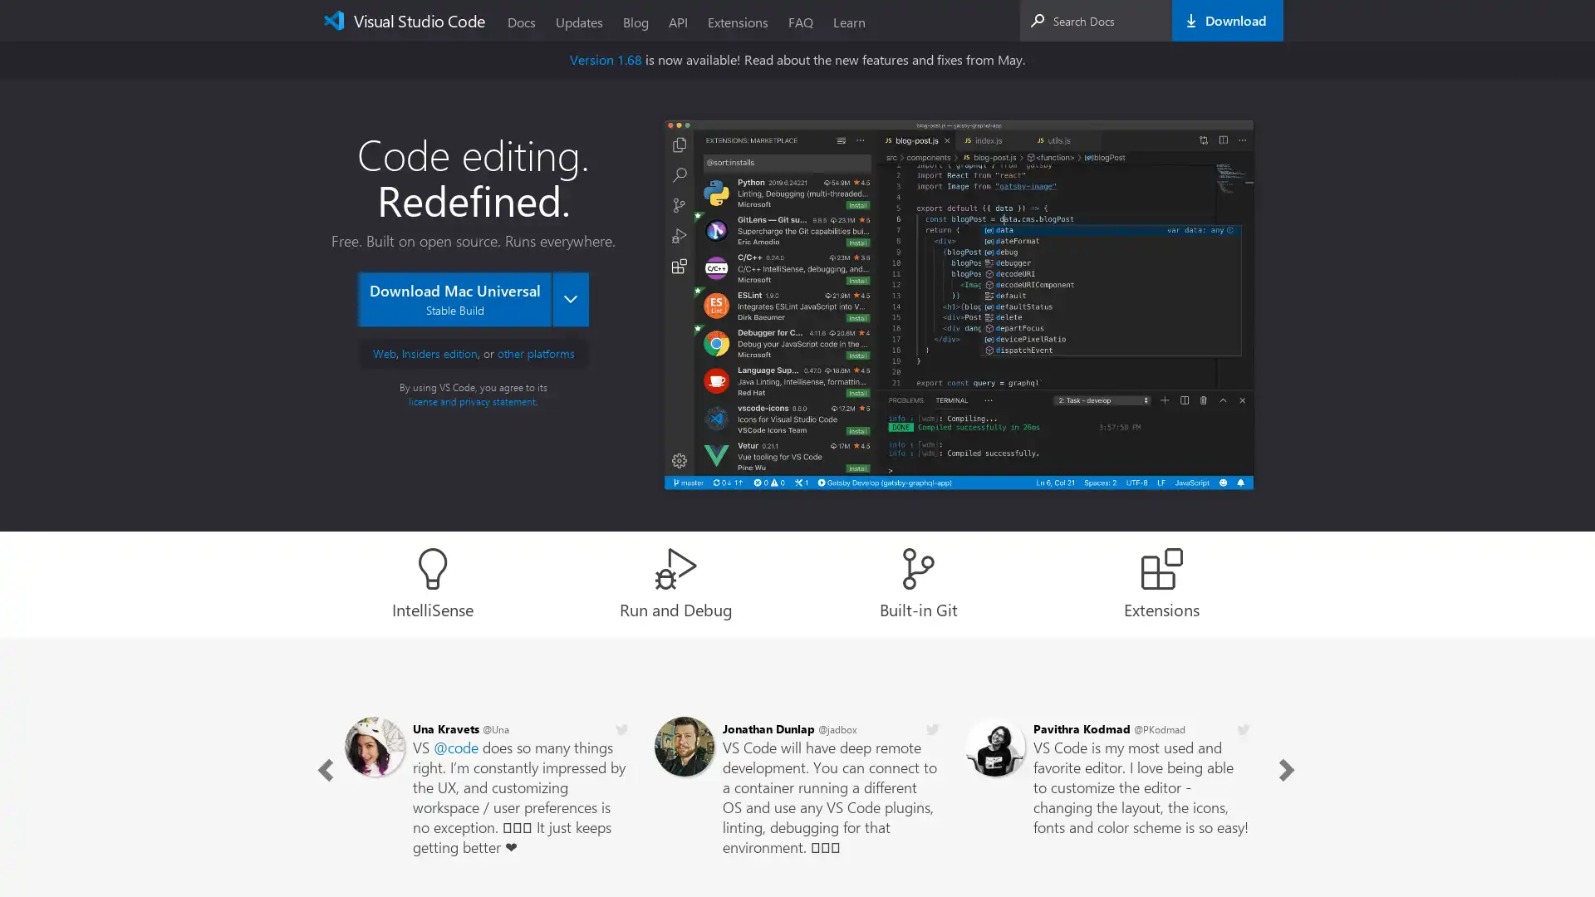 The width and height of the screenshot is (1595, 897). What do you see at coordinates (346, 786) in the screenshot?
I see `Previous` at bounding box center [346, 786].